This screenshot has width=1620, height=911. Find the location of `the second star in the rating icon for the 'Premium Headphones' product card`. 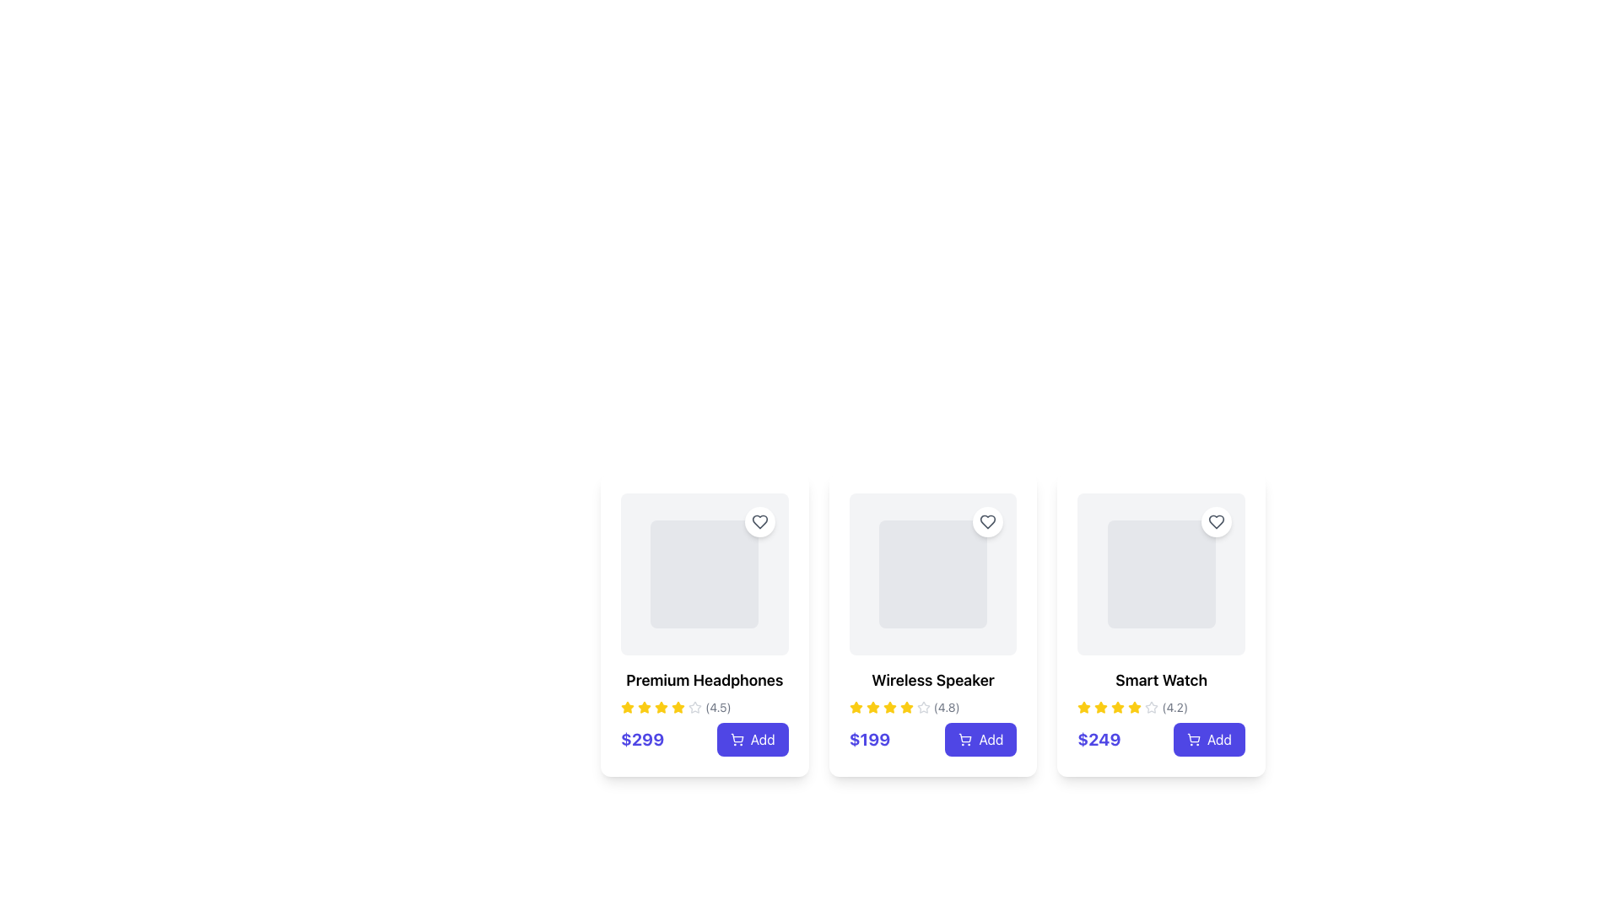

the second star in the rating icon for the 'Premium Headphones' product card is located at coordinates (660, 707).